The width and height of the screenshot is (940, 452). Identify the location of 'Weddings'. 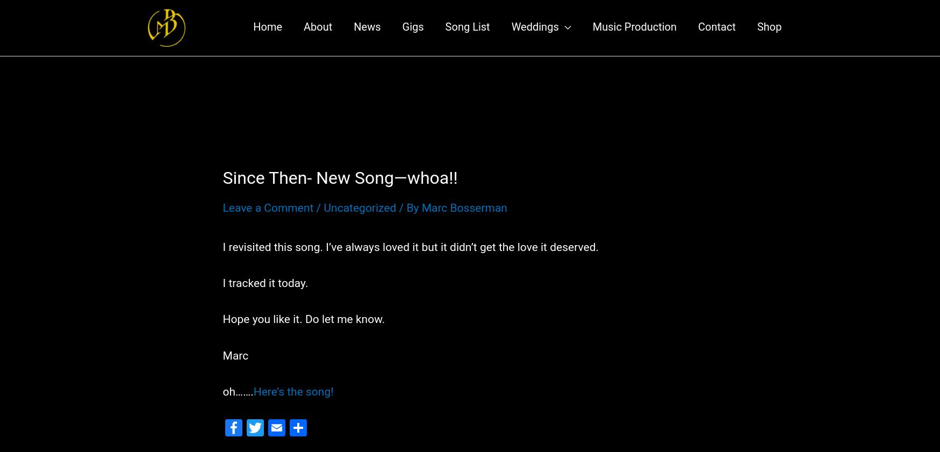
(534, 31).